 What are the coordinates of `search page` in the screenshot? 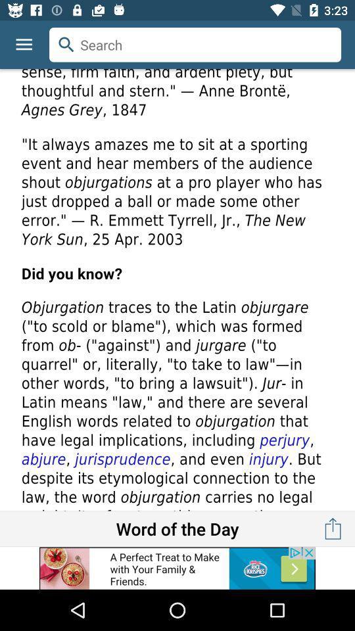 It's located at (177, 290).